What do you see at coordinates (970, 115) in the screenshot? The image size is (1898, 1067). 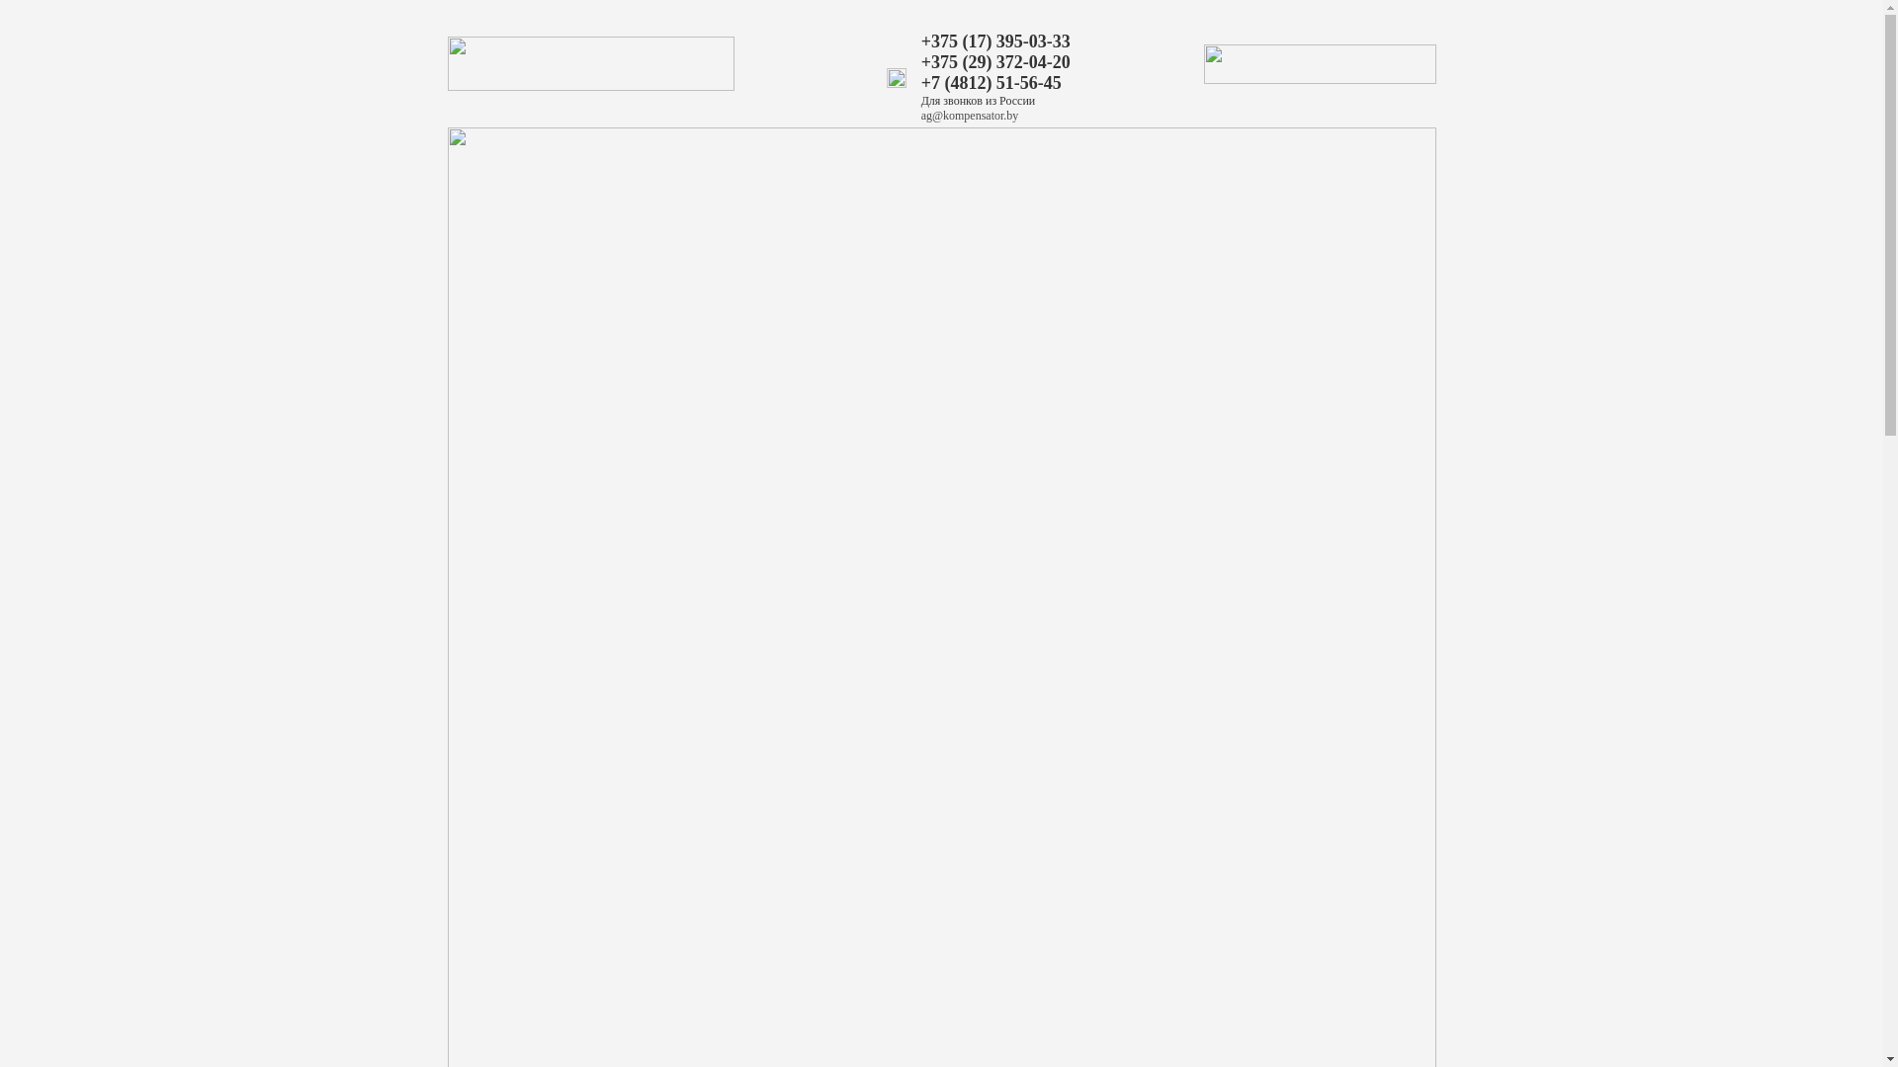 I see `'ag@kompensator.by'` at bounding box center [970, 115].